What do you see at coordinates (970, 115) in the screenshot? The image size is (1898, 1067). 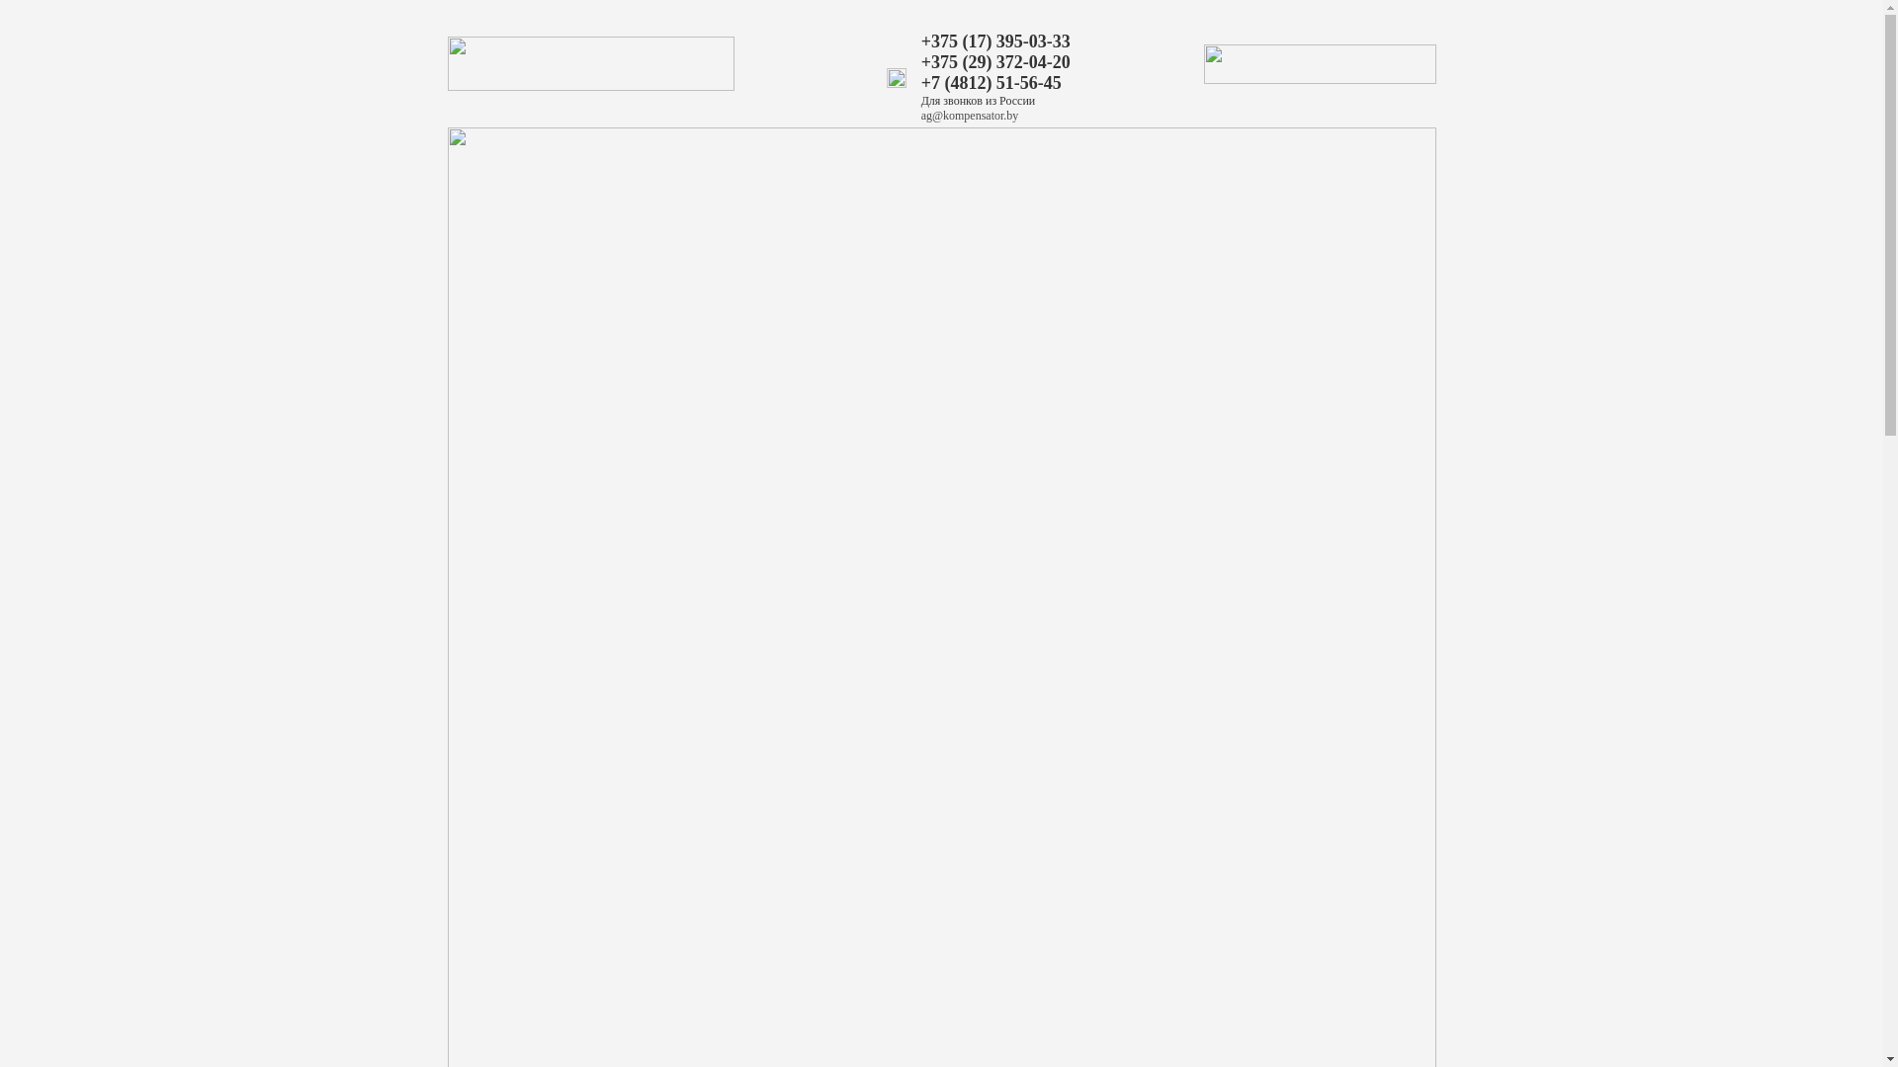 I see `'ag@kompensator.by'` at bounding box center [970, 115].